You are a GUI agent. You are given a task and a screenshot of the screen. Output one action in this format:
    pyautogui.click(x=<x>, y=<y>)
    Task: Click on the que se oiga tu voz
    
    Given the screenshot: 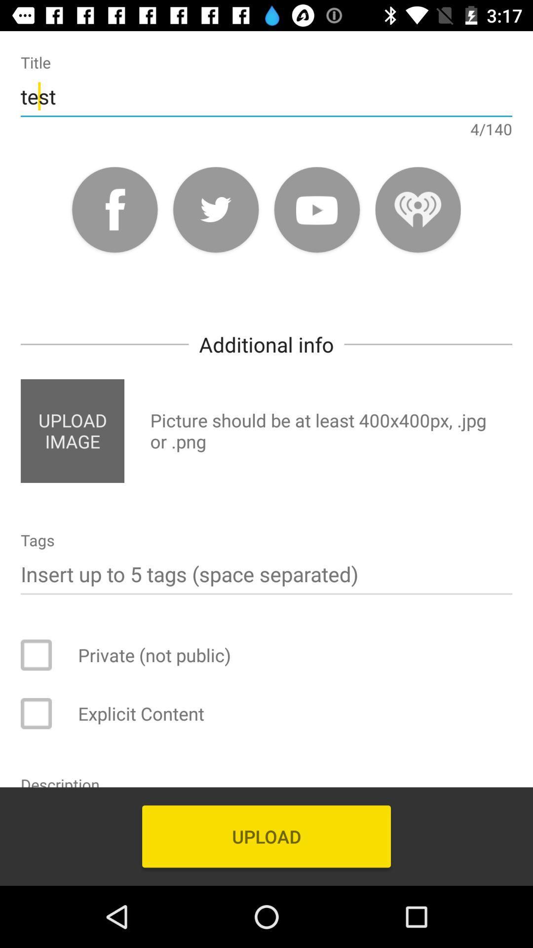 What is the action you would take?
    pyautogui.click(x=418, y=209)
    